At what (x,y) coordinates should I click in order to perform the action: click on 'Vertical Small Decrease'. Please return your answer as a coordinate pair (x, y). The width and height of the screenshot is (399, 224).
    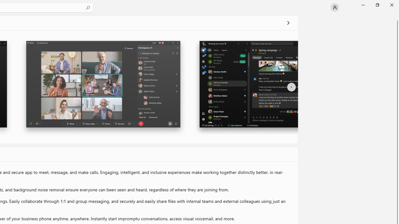
    Looking at the image, I should click on (396, 17).